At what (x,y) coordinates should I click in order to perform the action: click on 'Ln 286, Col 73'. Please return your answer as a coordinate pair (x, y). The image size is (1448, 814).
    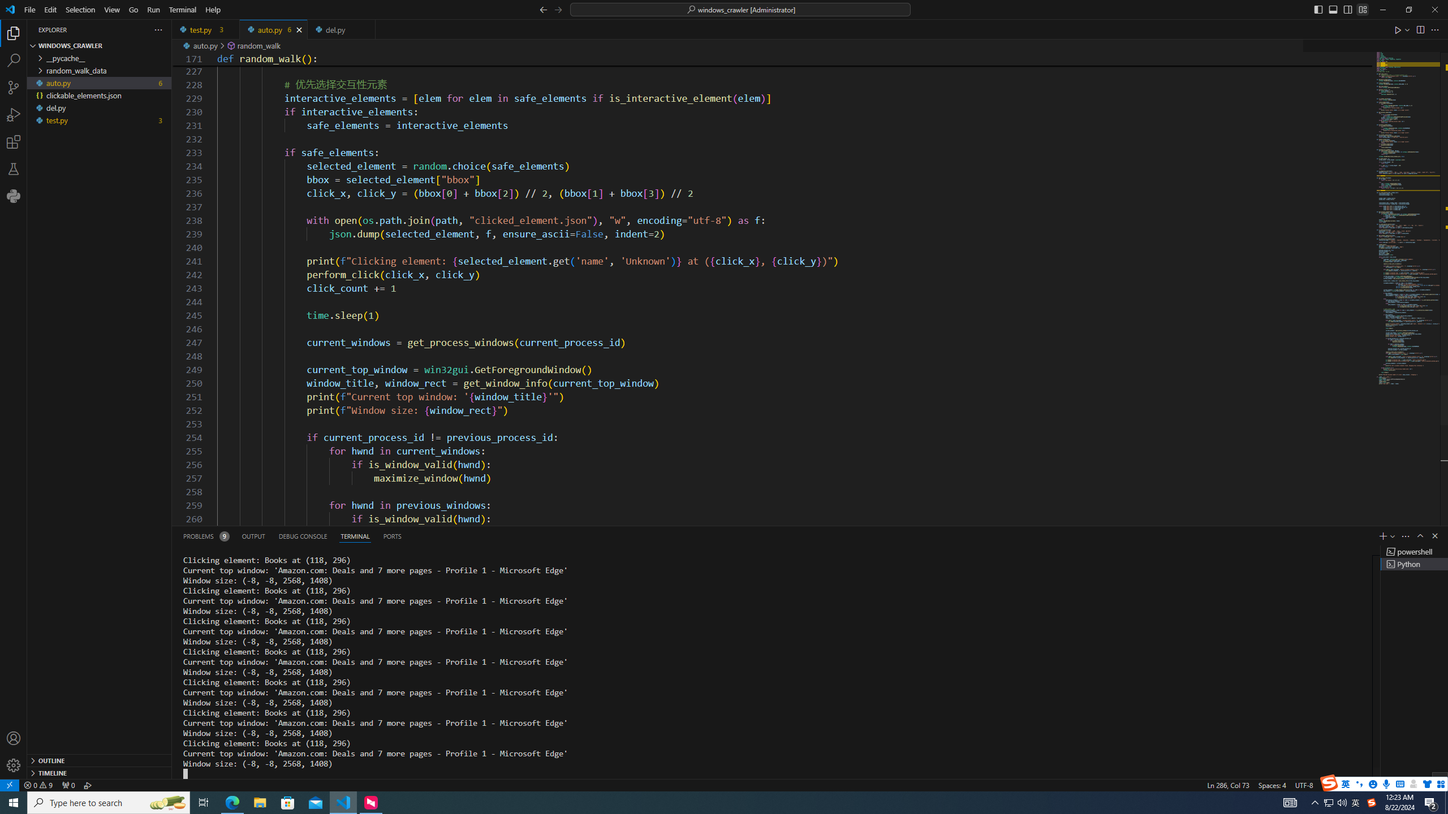
    Looking at the image, I should click on (1229, 784).